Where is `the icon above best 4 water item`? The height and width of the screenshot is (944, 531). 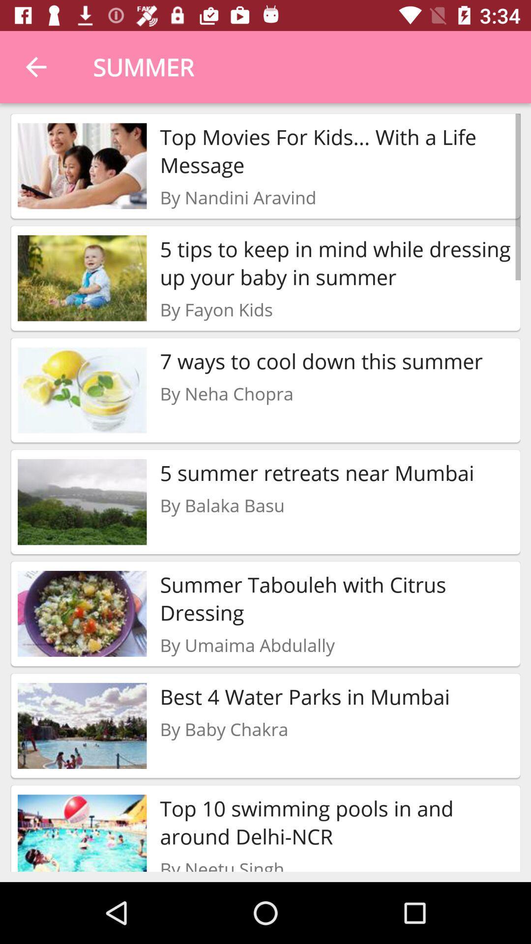
the icon above best 4 water item is located at coordinates (247, 645).